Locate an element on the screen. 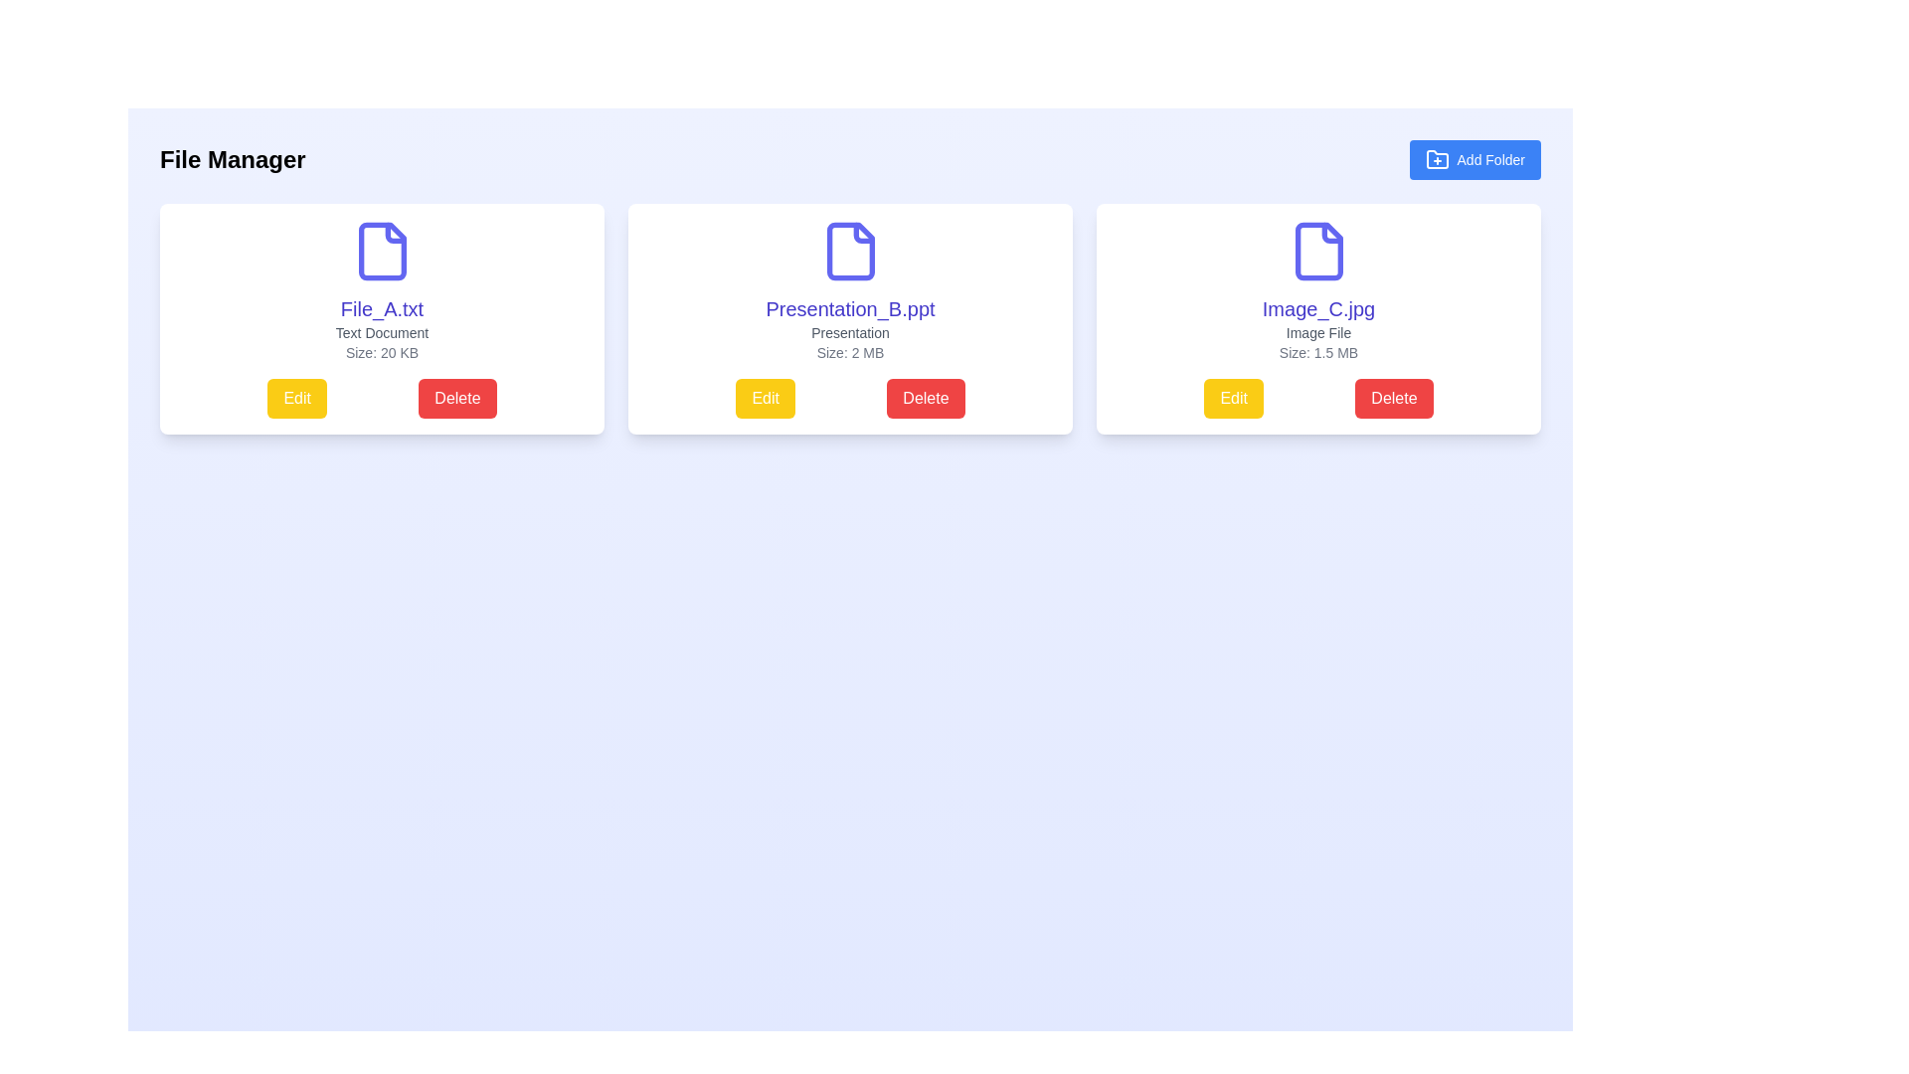  the rectangular button with a blue background and white text reading 'Add Folder' to initiate the folder creation process is located at coordinates (1475, 159).